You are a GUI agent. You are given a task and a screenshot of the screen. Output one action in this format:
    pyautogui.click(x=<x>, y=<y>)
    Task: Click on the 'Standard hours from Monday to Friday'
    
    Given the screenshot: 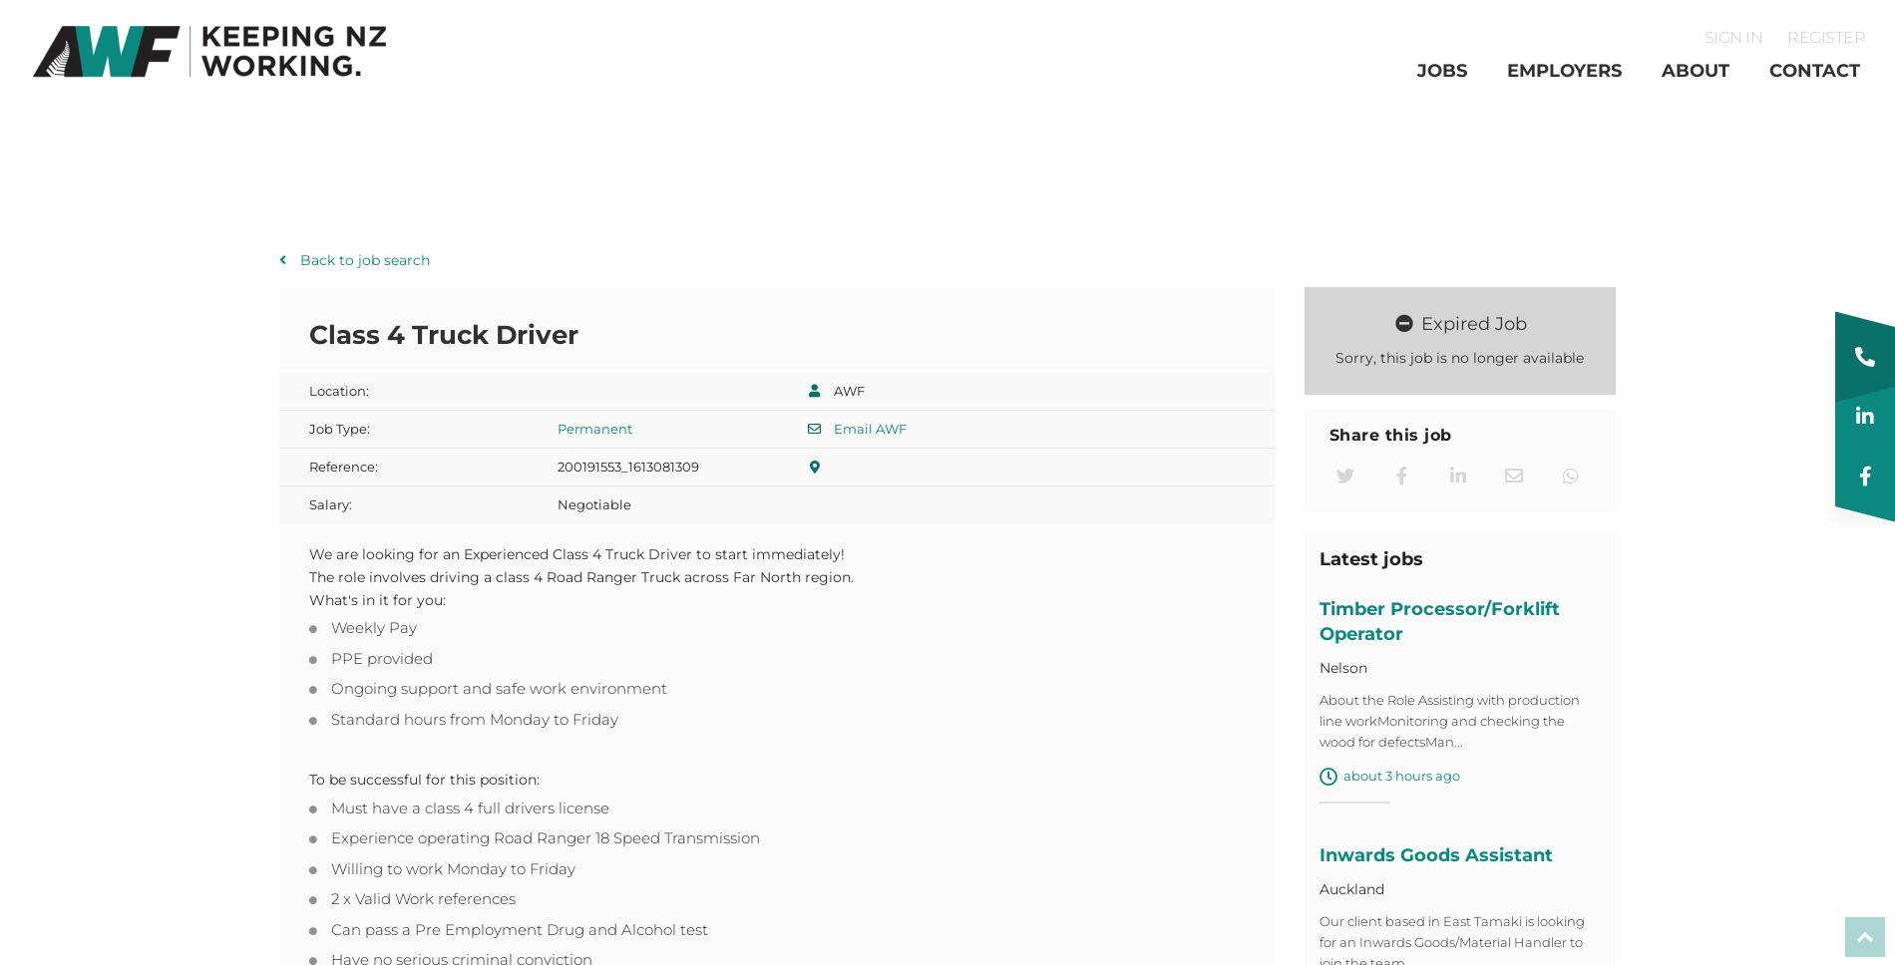 What is the action you would take?
    pyautogui.click(x=474, y=724)
    